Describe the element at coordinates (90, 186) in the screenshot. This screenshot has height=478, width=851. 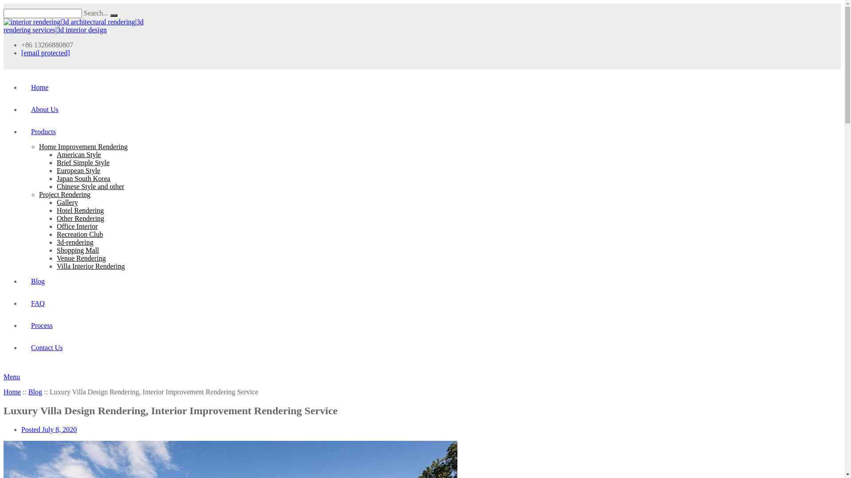
I see `'Chinese Style and other'` at that location.